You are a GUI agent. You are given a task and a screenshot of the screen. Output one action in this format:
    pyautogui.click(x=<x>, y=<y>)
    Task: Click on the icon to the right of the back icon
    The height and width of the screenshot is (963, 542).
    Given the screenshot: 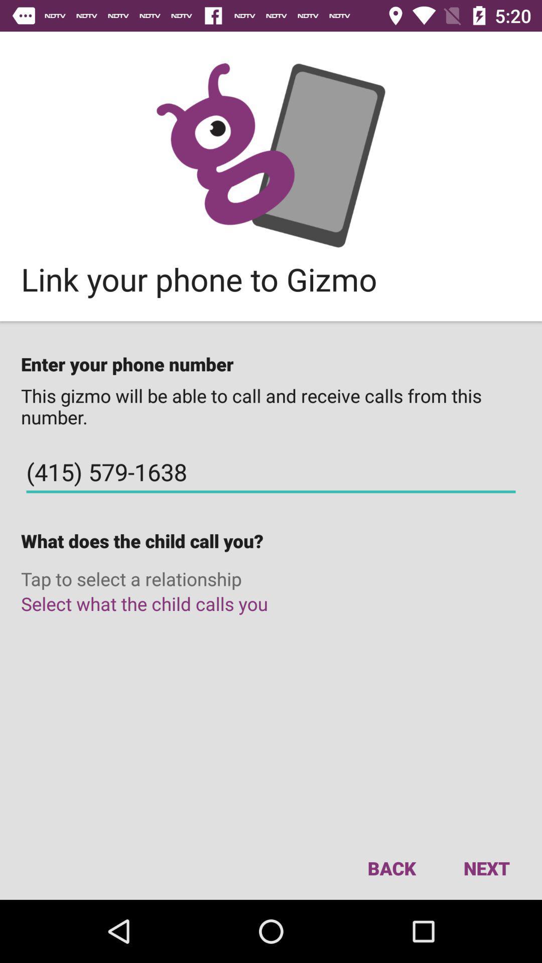 What is the action you would take?
    pyautogui.click(x=486, y=868)
    